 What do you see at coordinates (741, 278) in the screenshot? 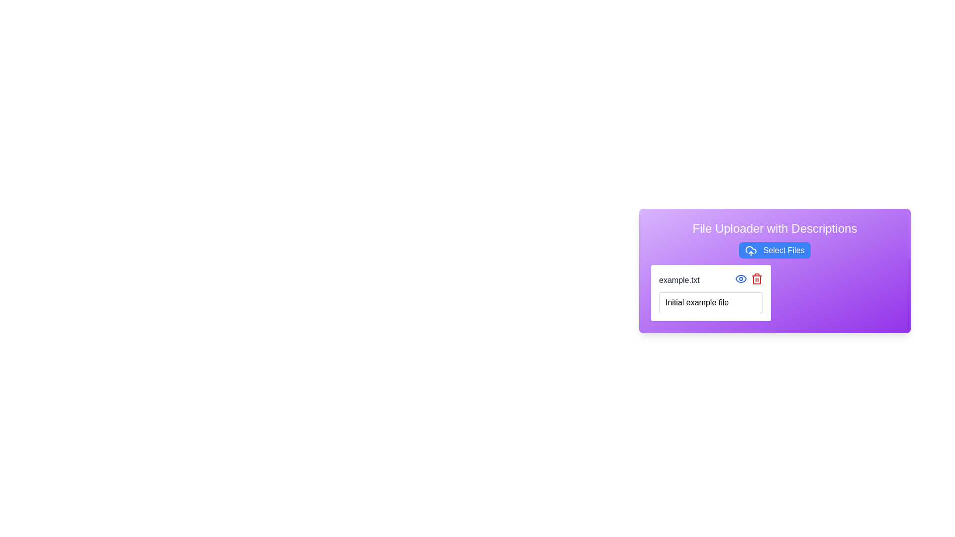
I see `the outer shape of the blue eye icon located next to the file name 'example.txt' in the file uploader interface` at bounding box center [741, 278].